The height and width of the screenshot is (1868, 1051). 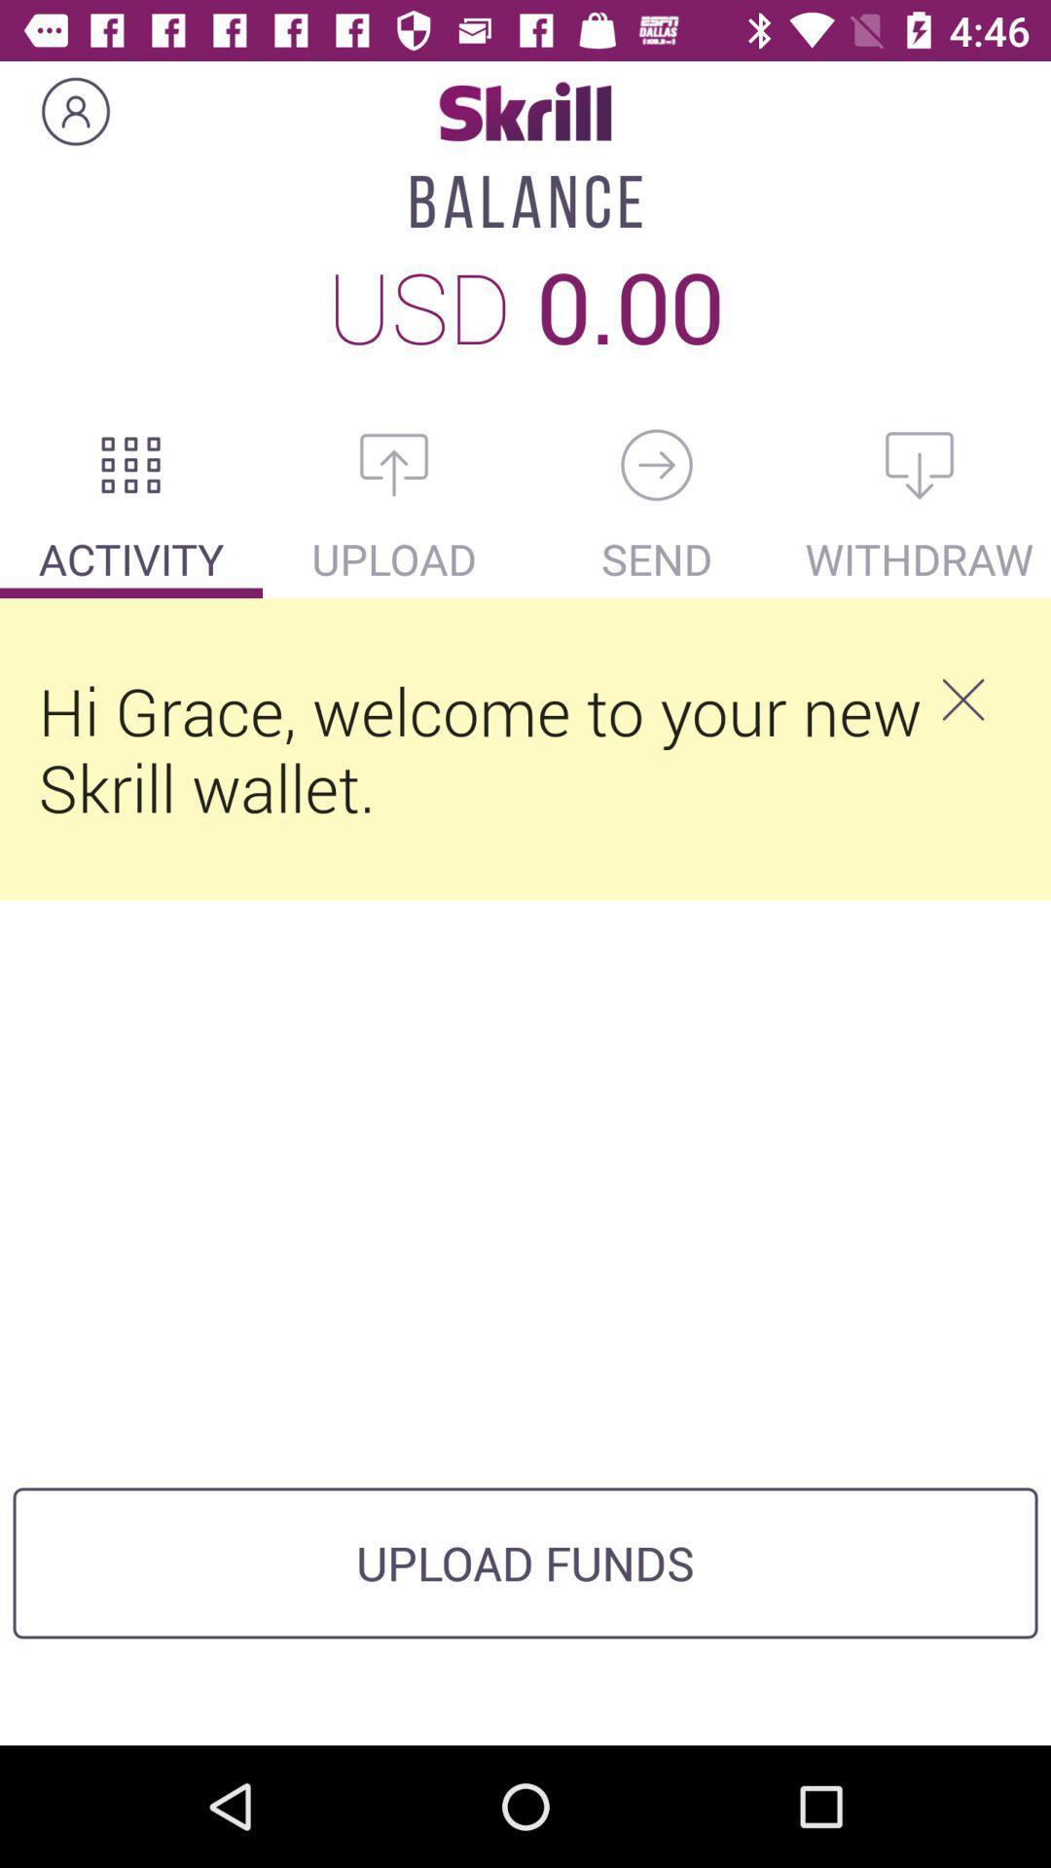 I want to click on the icon on the right, so click(x=961, y=700).